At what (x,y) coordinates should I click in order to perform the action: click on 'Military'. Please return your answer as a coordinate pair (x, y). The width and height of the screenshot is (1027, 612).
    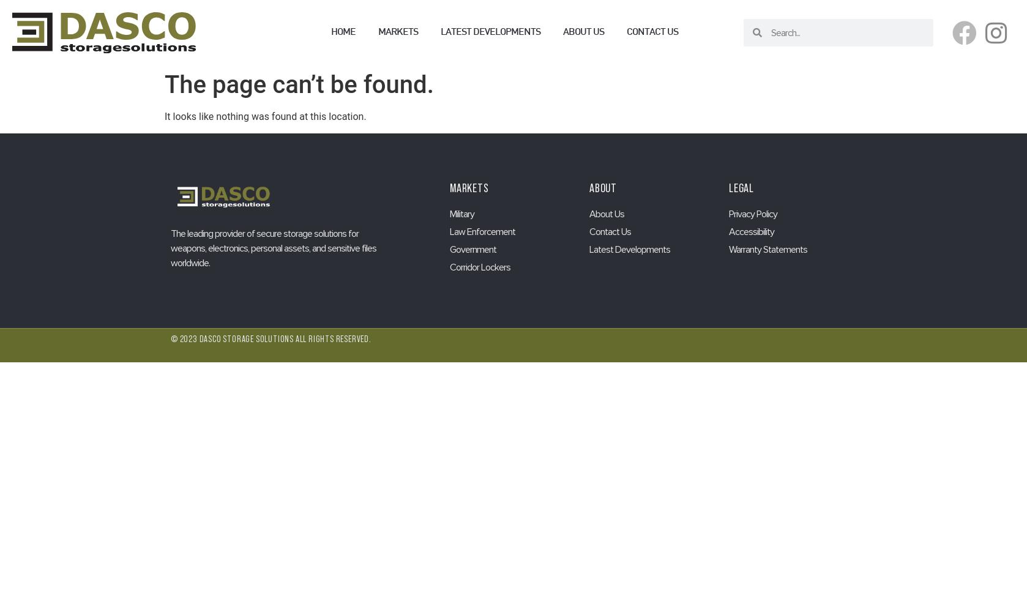
    Looking at the image, I should click on (461, 213).